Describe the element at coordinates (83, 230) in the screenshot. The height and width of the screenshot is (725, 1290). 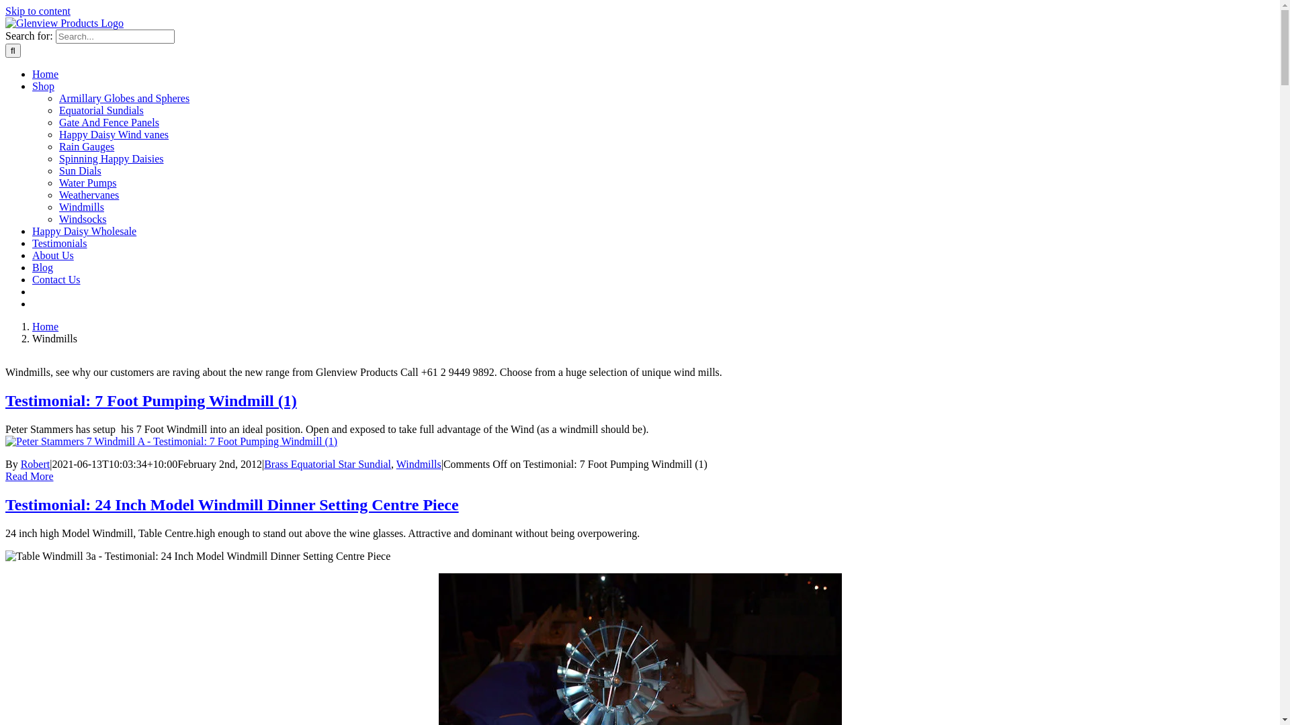
I see `'Happy Daisy Wholesale'` at that location.